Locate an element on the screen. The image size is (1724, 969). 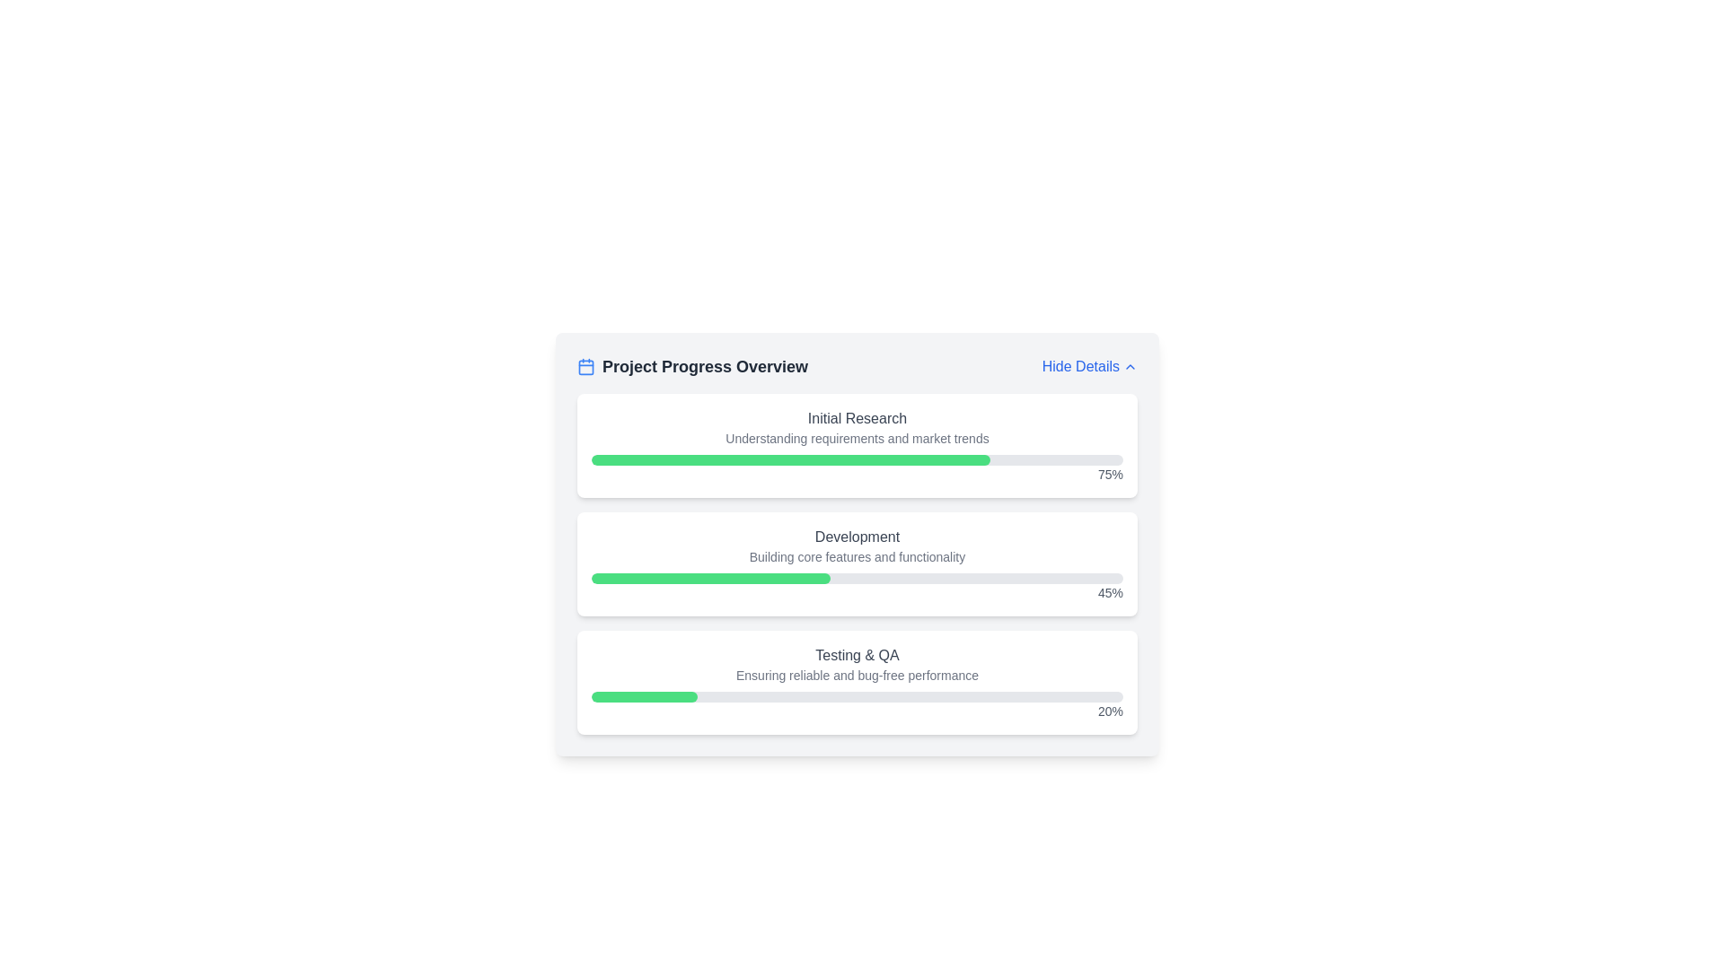
the text element reading 'Understanding requirements and market trends' which is positioned below the title 'Initial Research' in a card layout is located at coordinates (857, 439).